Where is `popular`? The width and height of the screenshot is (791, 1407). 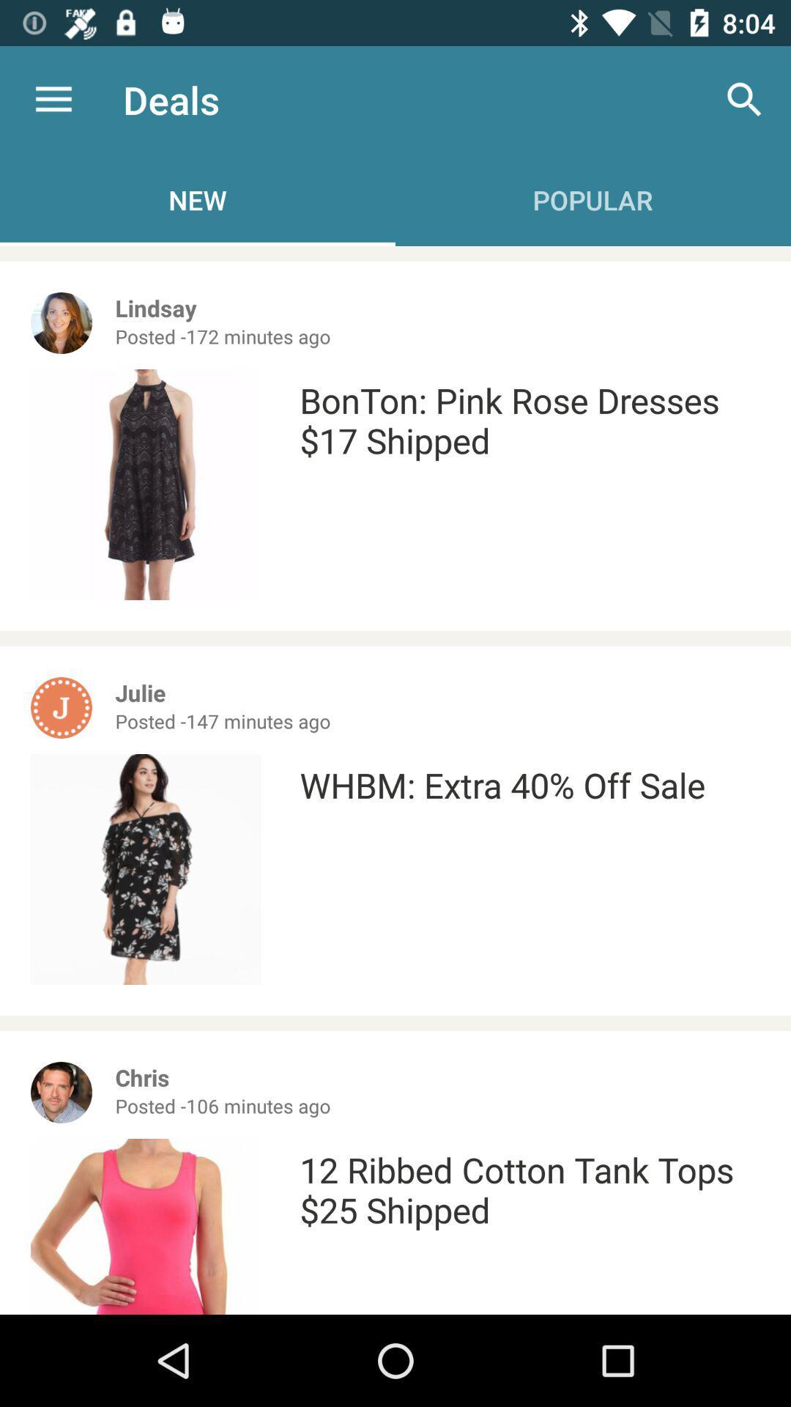 popular is located at coordinates (593, 199).